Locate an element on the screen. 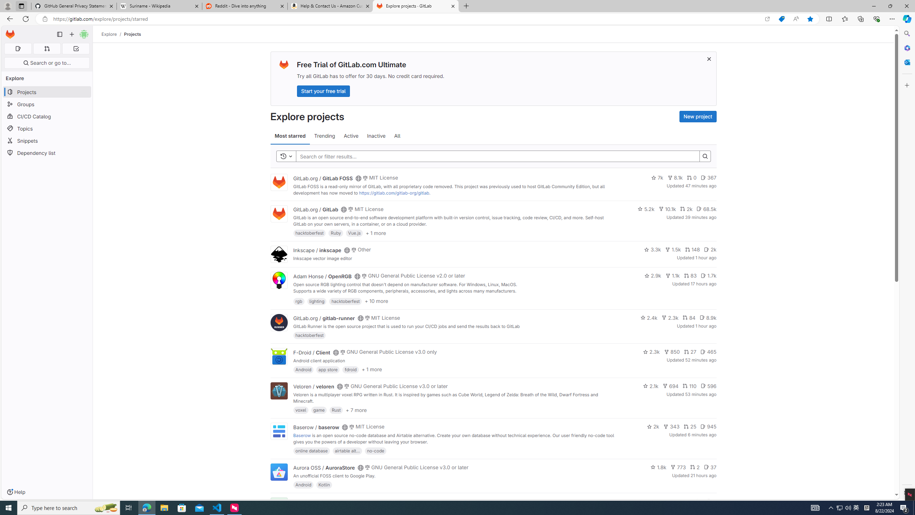 The width and height of the screenshot is (915, 515). 'Projects' is located at coordinates (132, 34).